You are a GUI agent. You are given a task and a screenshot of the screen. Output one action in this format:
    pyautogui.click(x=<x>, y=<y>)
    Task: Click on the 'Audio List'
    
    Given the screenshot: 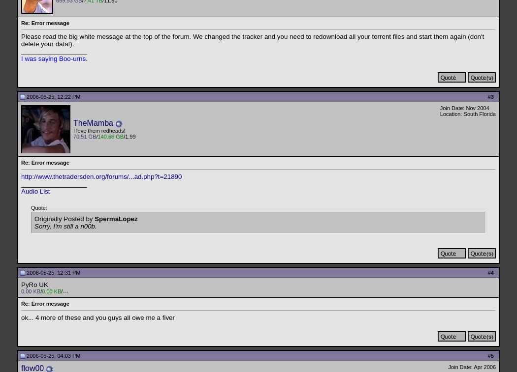 What is the action you would take?
    pyautogui.click(x=21, y=191)
    